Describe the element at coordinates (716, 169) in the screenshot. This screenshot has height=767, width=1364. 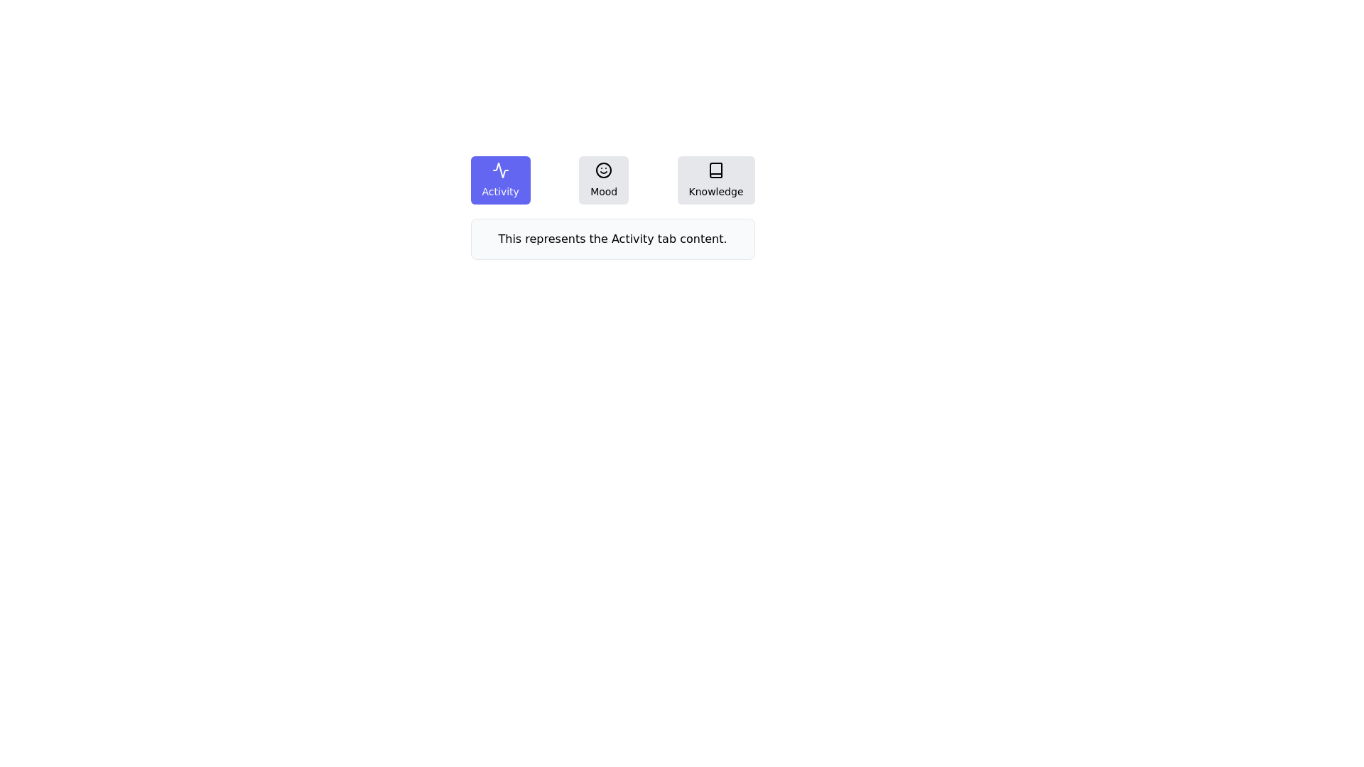
I see `the appearance of the graphic icon component depicting an open book, which is the third icon in the 'Knowledge' group at the top of the interface` at that location.